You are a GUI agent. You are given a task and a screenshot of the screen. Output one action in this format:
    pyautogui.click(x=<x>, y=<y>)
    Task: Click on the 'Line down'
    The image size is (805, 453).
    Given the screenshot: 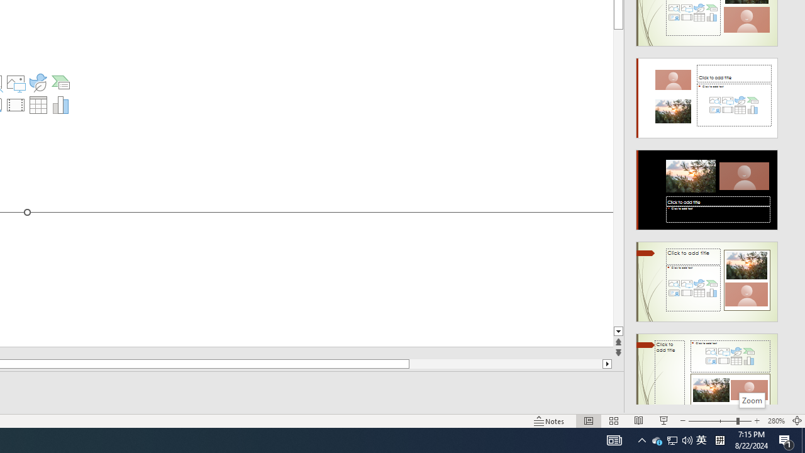 What is the action you would take?
    pyautogui.click(x=618, y=331)
    